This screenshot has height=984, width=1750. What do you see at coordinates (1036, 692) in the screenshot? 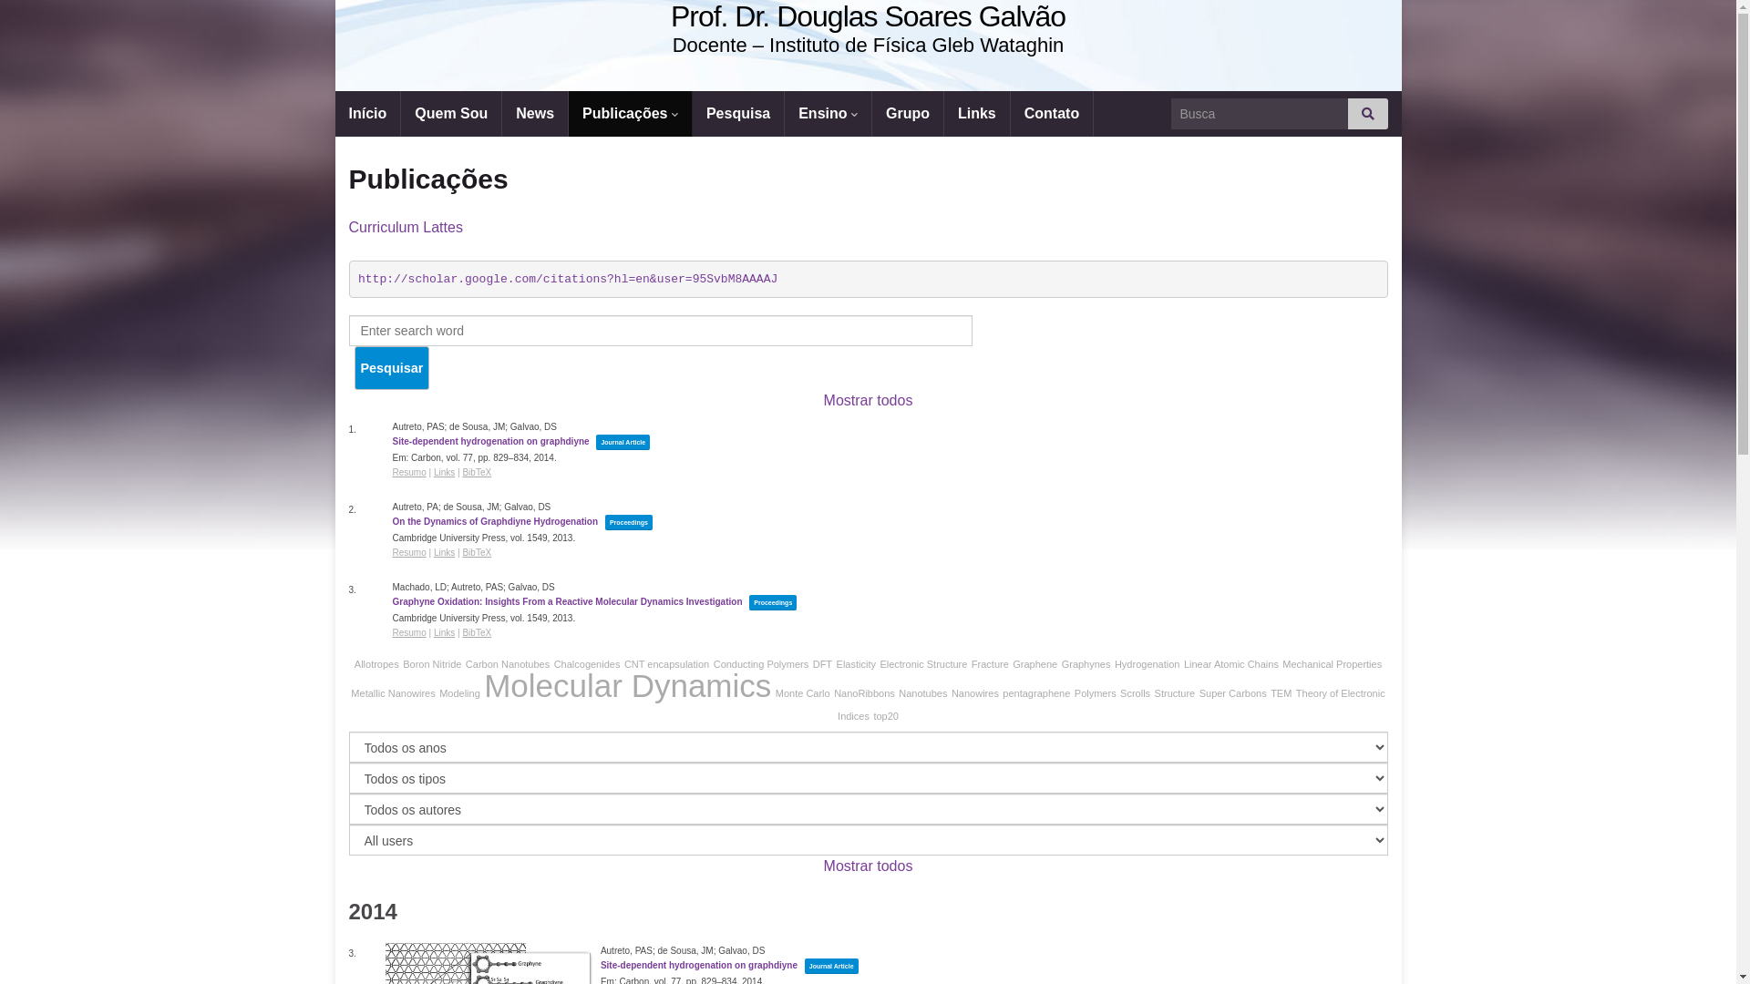
I see `'pentagraphene'` at bounding box center [1036, 692].